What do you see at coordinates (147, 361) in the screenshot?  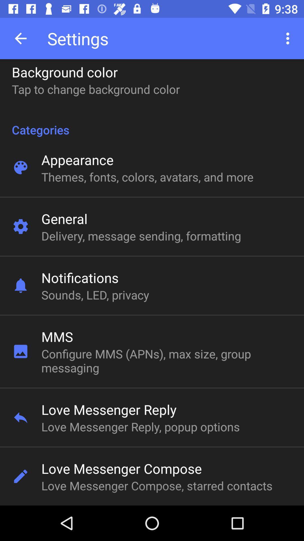 I see `the item below the mms` at bounding box center [147, 361].